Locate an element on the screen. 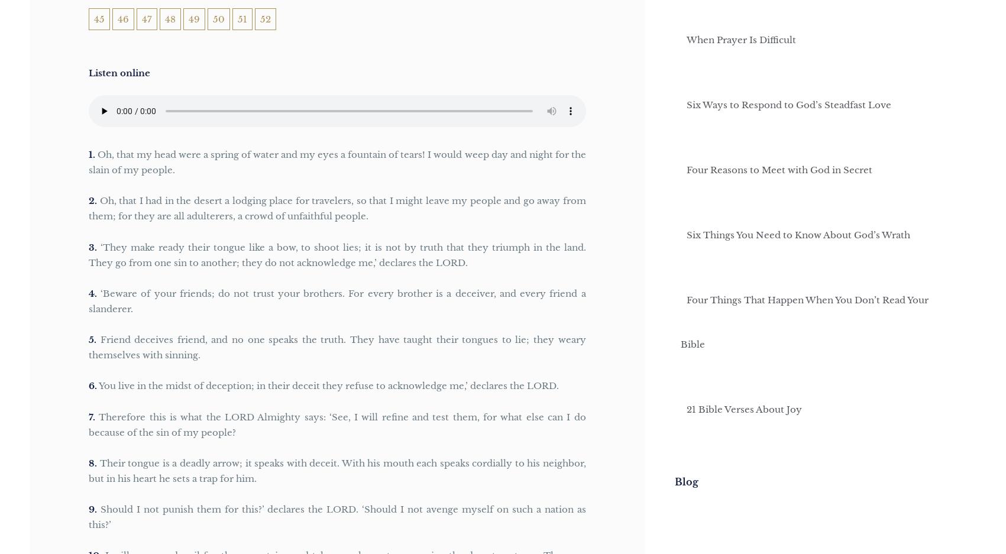 Image resolution: width=1006 pixels, height=554 pixels. 'Blog' is located at coordinates (685, 480).